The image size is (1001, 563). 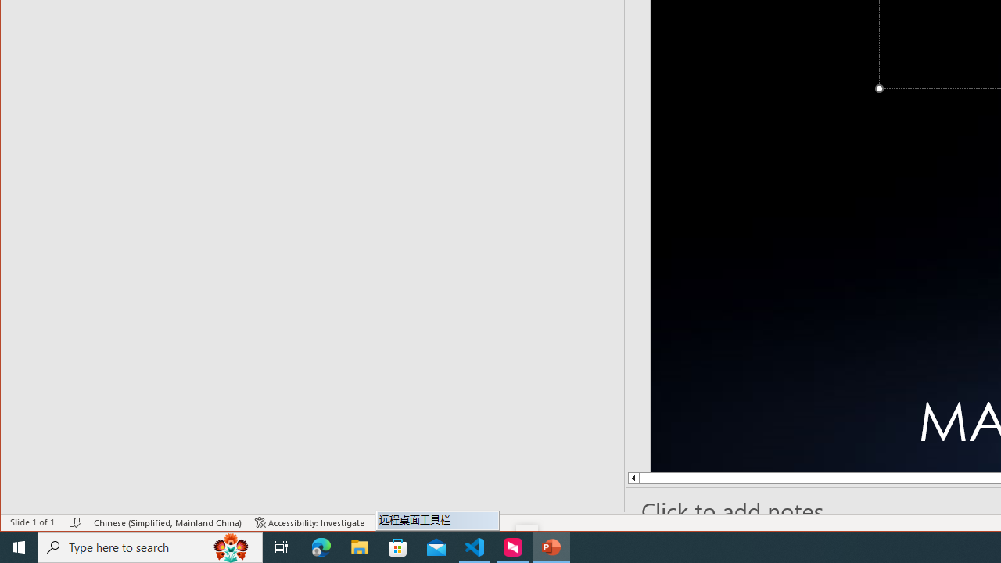 What do you see at coordinates (474, 546) in the screenshot?
I see `'Visual Studio Code - 1 running window'` at bounding box center [474, 546].